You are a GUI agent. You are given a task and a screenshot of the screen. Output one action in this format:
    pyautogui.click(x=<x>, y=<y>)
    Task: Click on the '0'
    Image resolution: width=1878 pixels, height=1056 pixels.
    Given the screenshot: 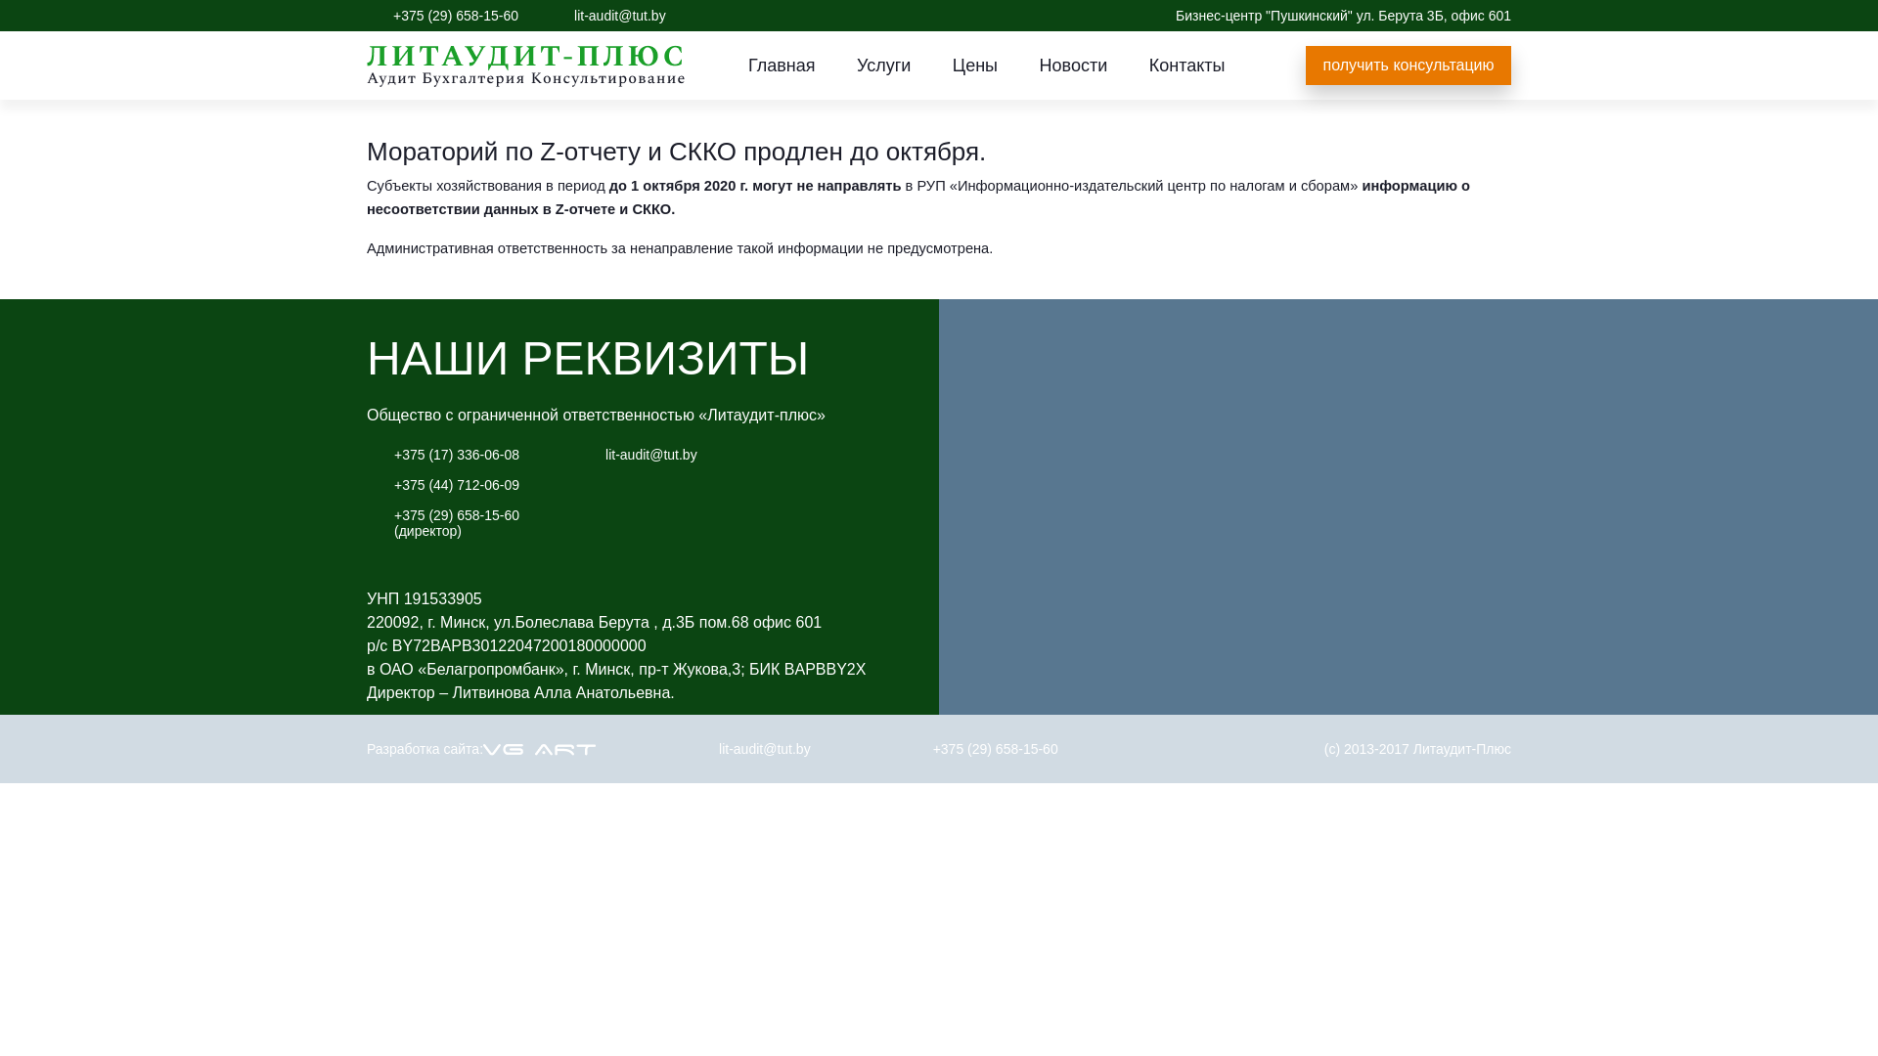 What is the action you would take?
    pyautogui.click(x=707, y=15)
    